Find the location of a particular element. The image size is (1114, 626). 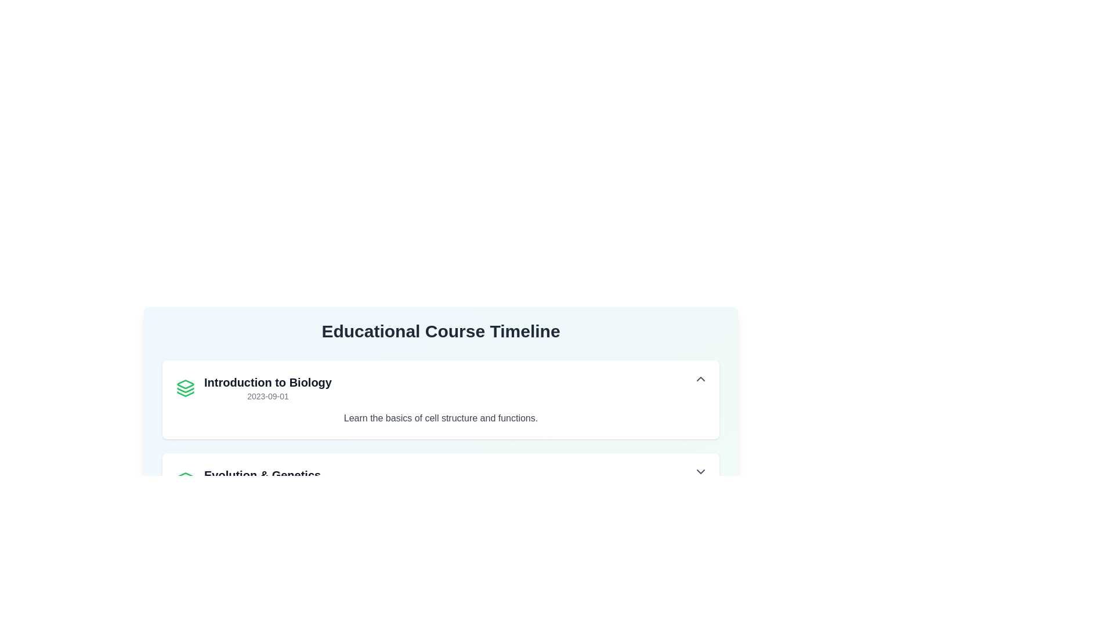

information contained in the Card Component titled 'Introduction to Biology', which includes the title, date, and description is located at coordinates (440, 399).